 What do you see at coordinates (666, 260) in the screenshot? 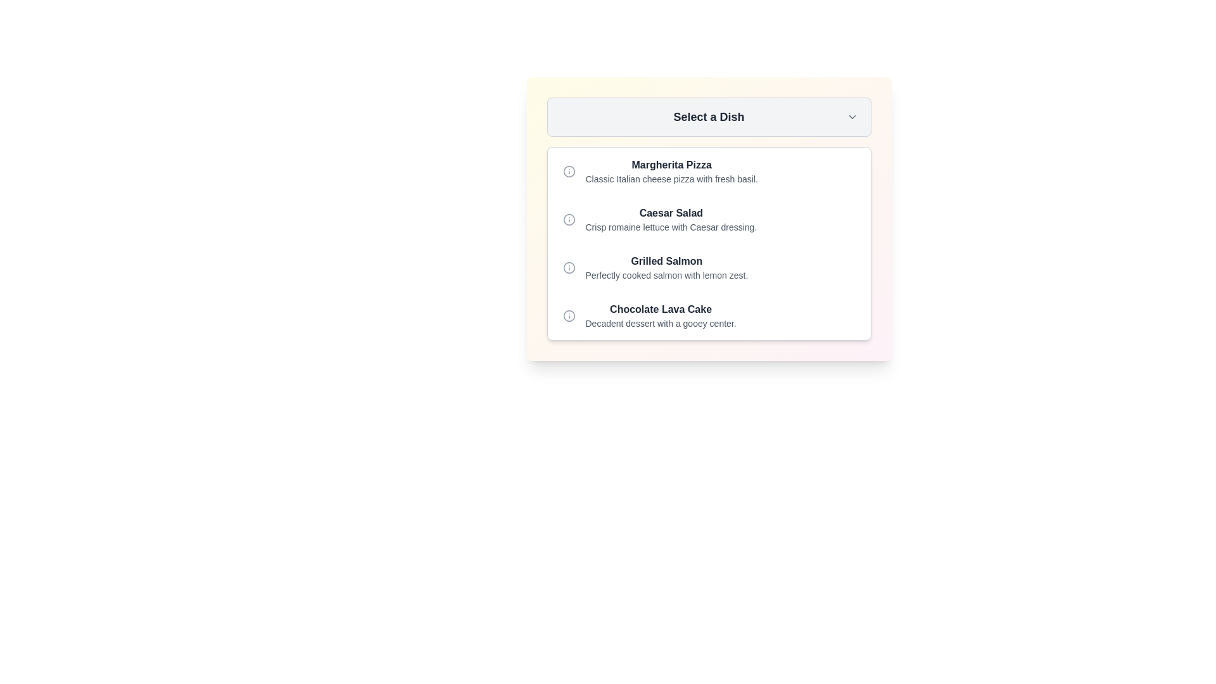
I see `text of the bold label that displays 'Grilled Salmon', which is prominently styled in black and located under the heading 'Select a Dish'` at bounding box center [666, 260].